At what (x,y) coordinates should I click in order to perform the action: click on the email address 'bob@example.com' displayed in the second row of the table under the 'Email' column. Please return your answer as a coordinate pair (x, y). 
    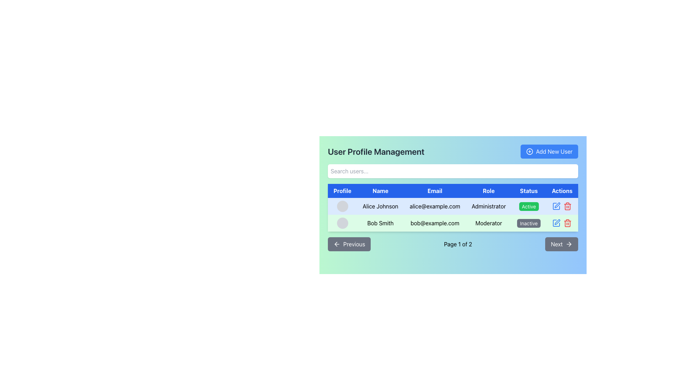
    Looking at the image, I should click on (434, 223).